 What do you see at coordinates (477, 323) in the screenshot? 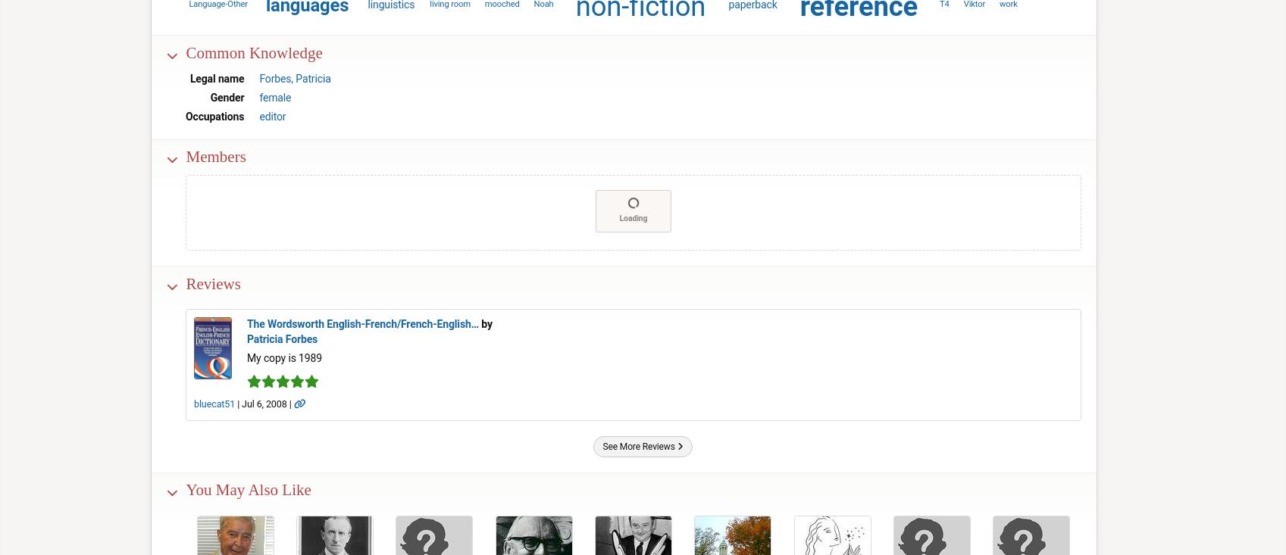
I see `'by'` at bounding box center [477, 323].